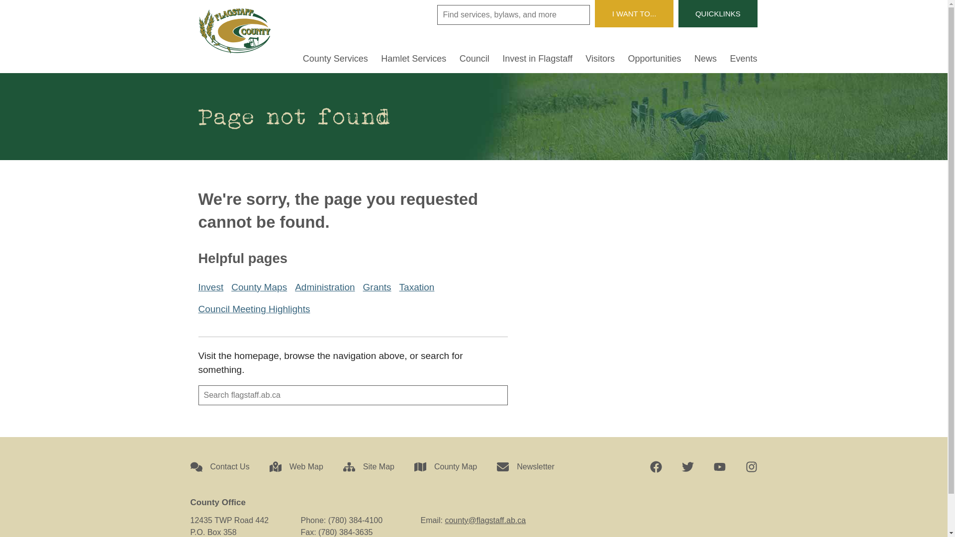 This screenshot has width=955, height=537. I want to click on 'Council Meeting Highlights', so click(254, 308).